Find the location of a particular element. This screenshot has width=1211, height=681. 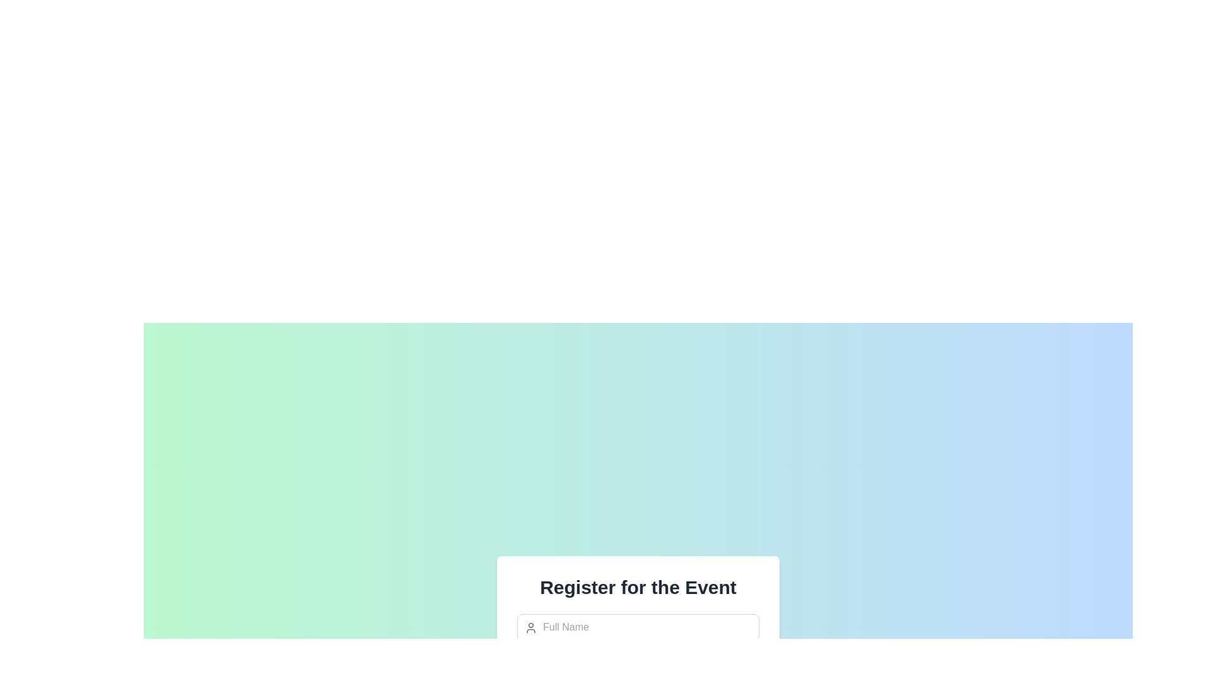

the user profile icon, which is styled with a gray color and rounded edges, located to the left of the 'Full Name' text input field is located at coordinates (530, 627).